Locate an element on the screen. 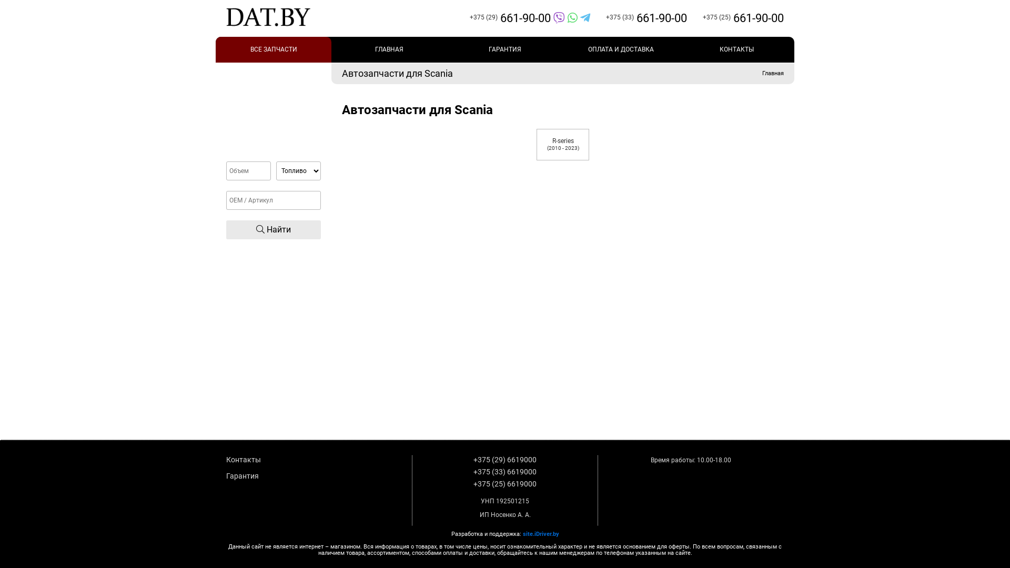 The width and height of the screenshot is (1010, 568). 'R-series is located at coordinates (562, 144).